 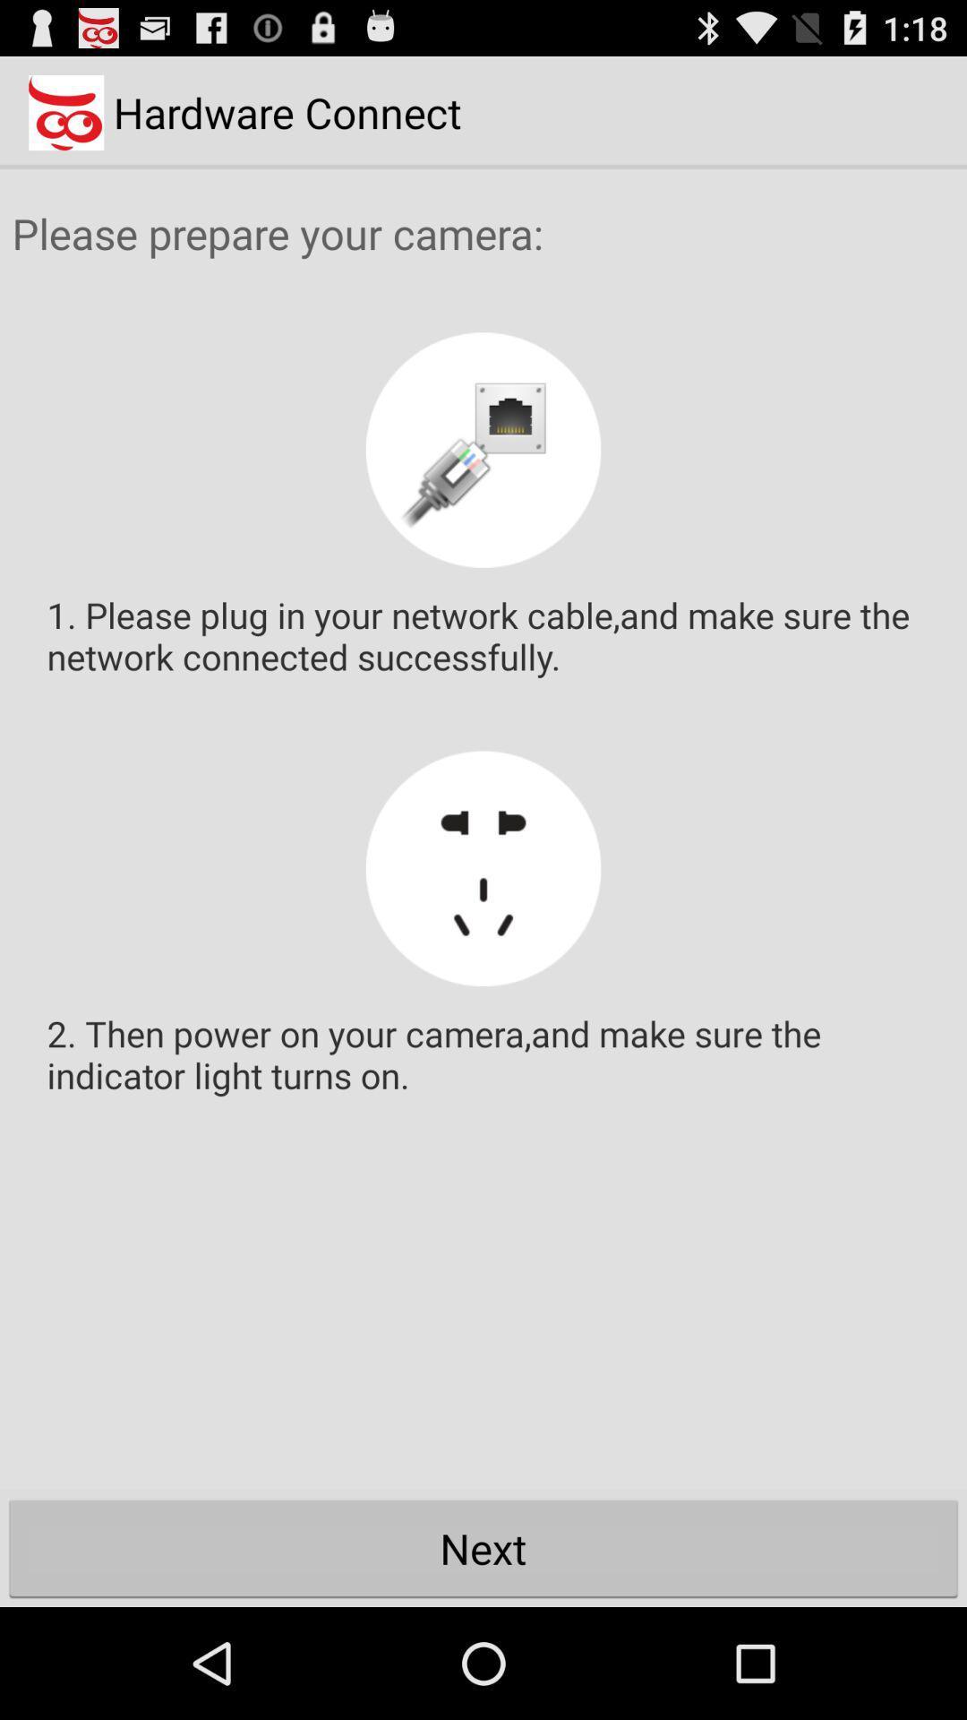 I want to click on the item at the bottom, so click(x=483, y=1547).